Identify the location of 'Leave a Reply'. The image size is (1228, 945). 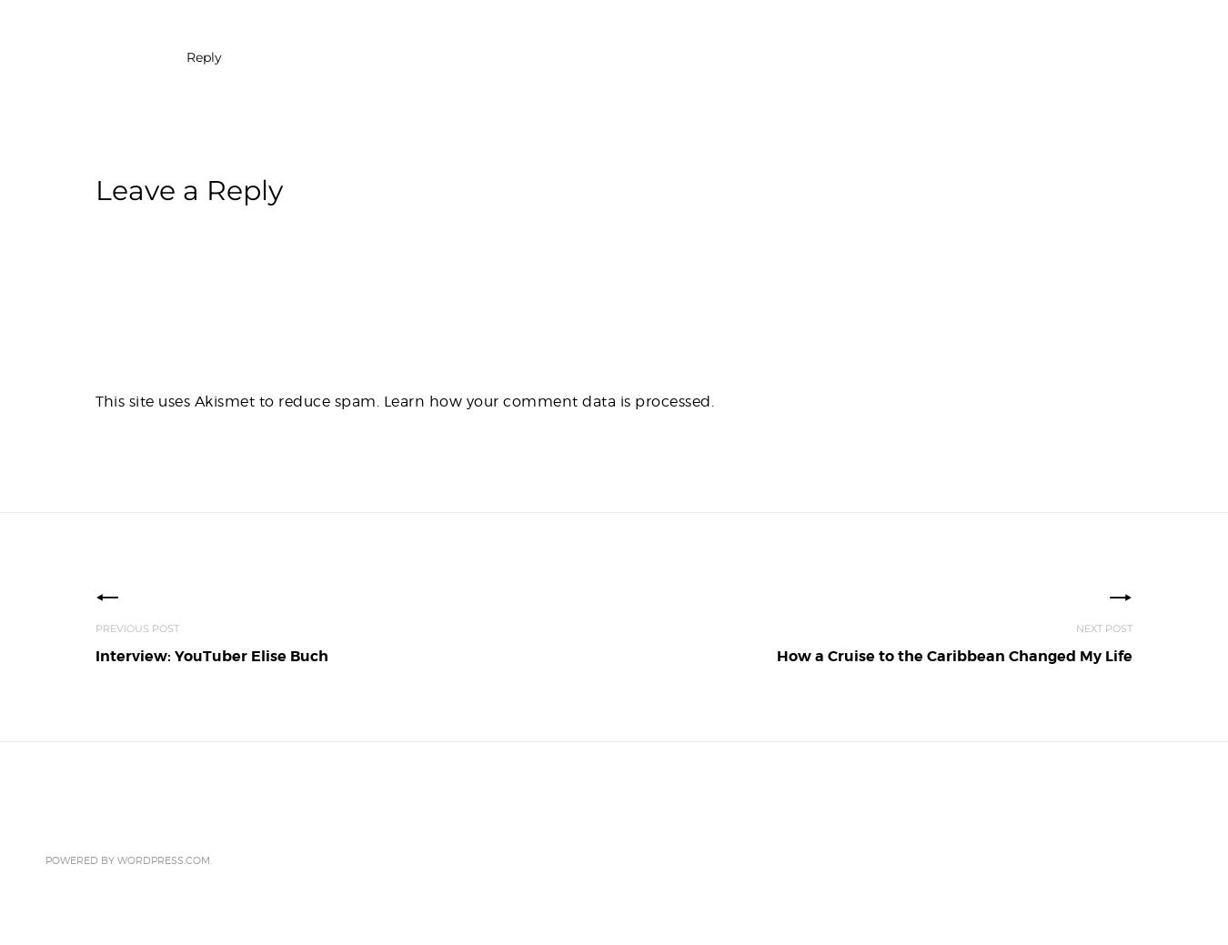
(95, 189).